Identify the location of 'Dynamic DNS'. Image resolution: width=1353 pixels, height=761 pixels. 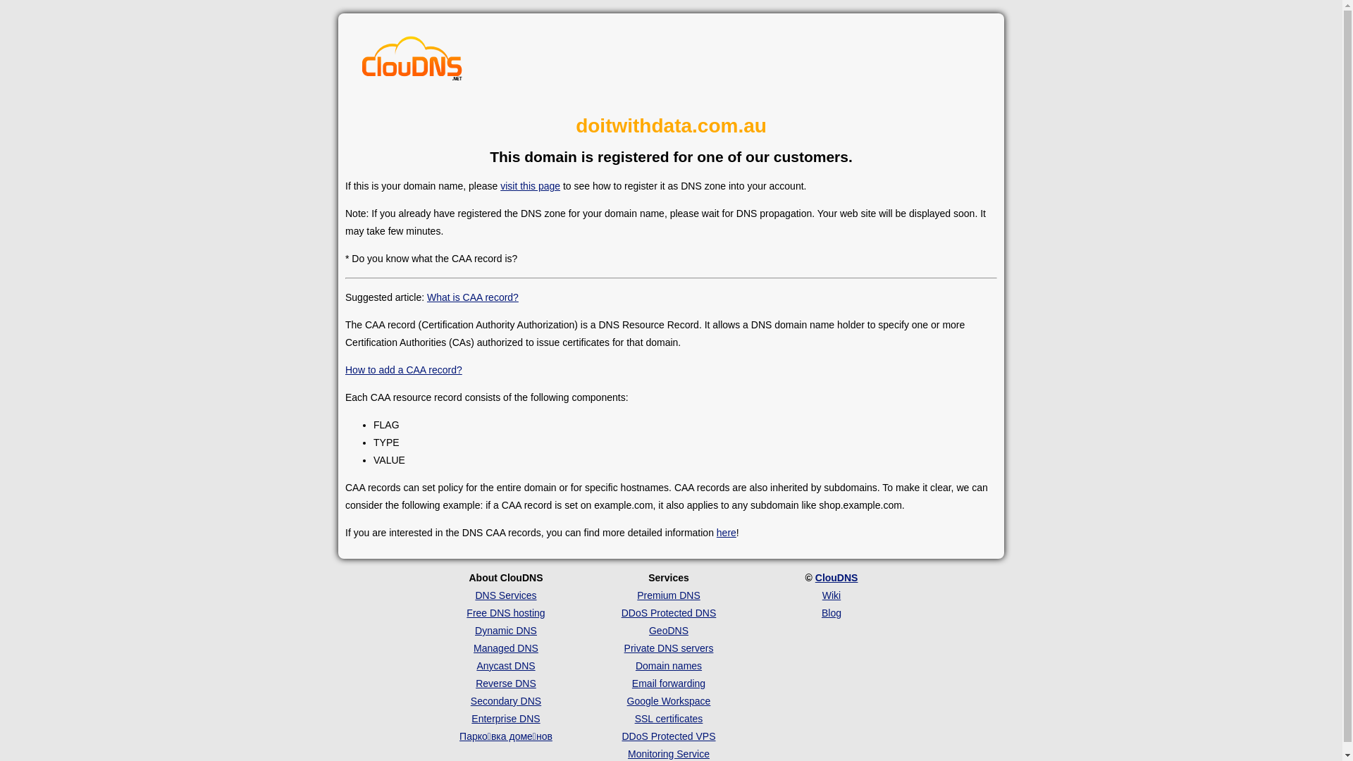
(506, 629).